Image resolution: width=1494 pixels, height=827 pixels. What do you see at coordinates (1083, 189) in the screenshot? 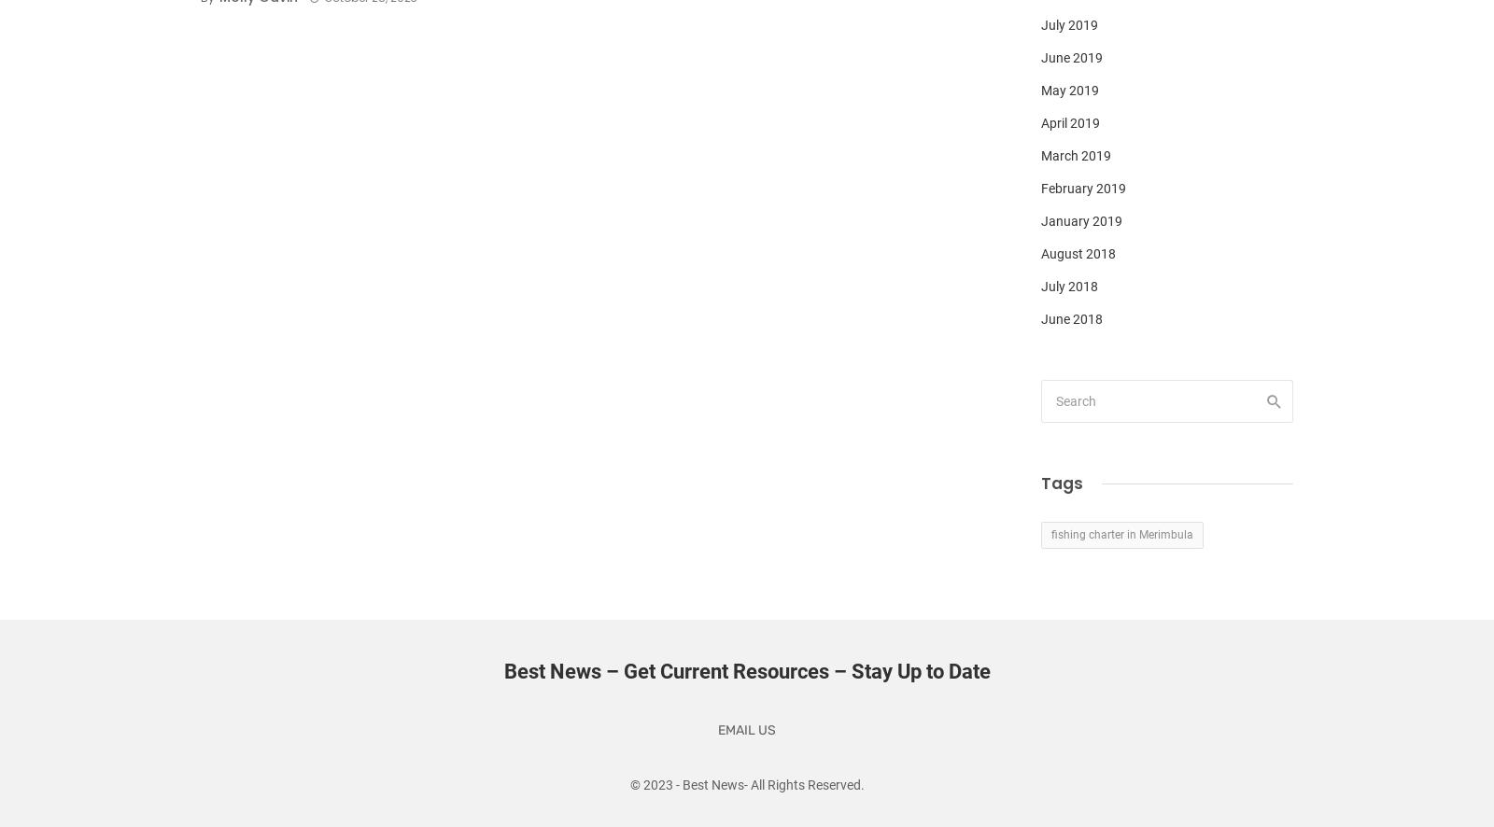
I see `'February 2019'` at bounding box center [1083, 189].